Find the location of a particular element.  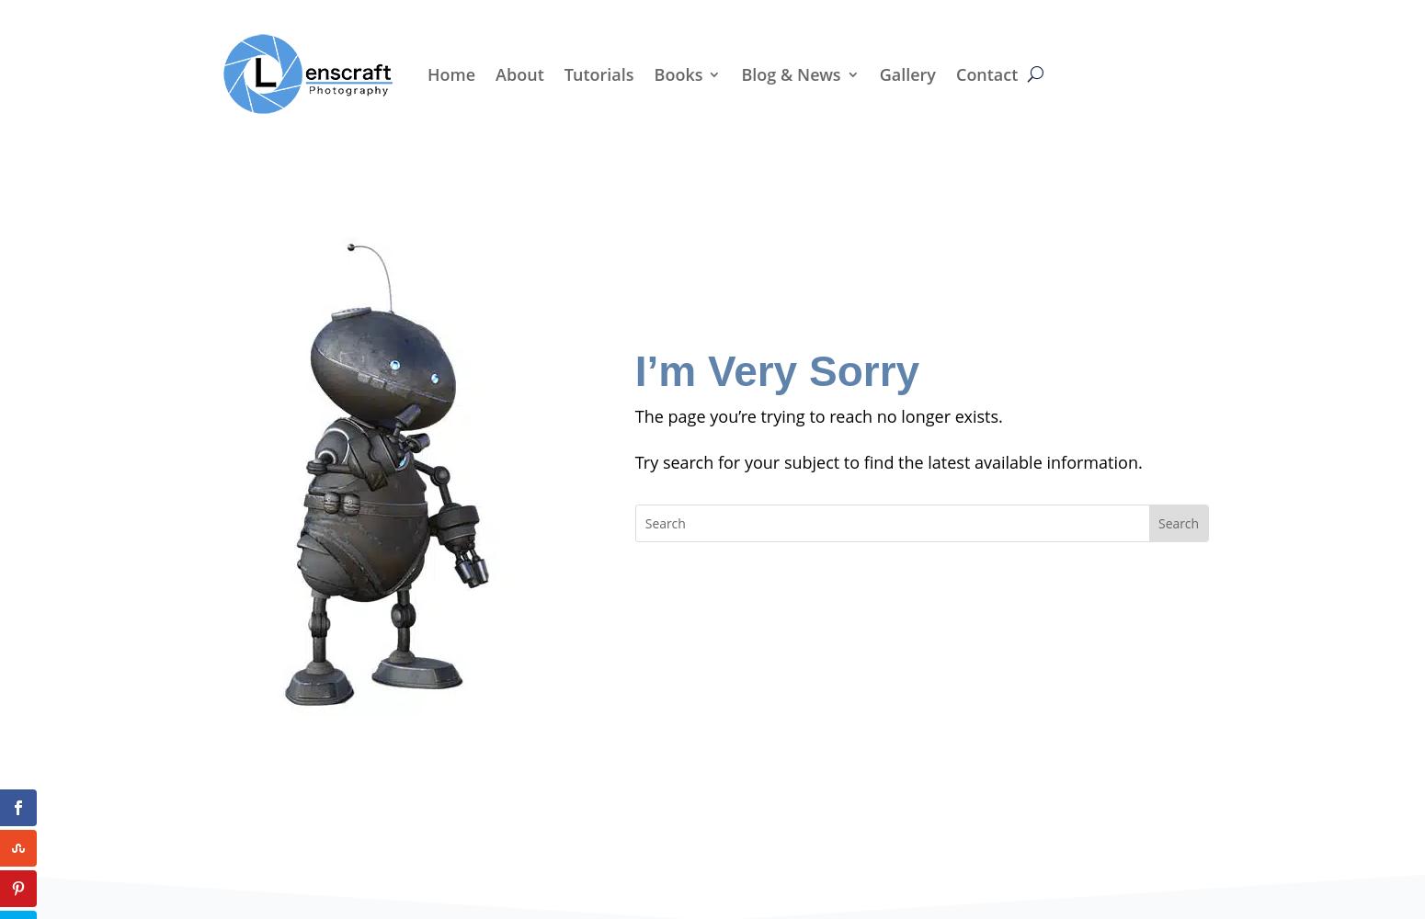

'Tutorials' is located at coordinates (598, 73).